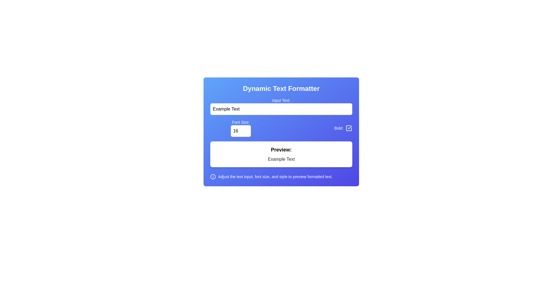  What do you see at coordinates (213, 176) in the screenshot?
I see `the circular SVG-based decorative informational icon located to the left of the text 'Adjust the text input, font size, and style` at bounding box center [213, 176].